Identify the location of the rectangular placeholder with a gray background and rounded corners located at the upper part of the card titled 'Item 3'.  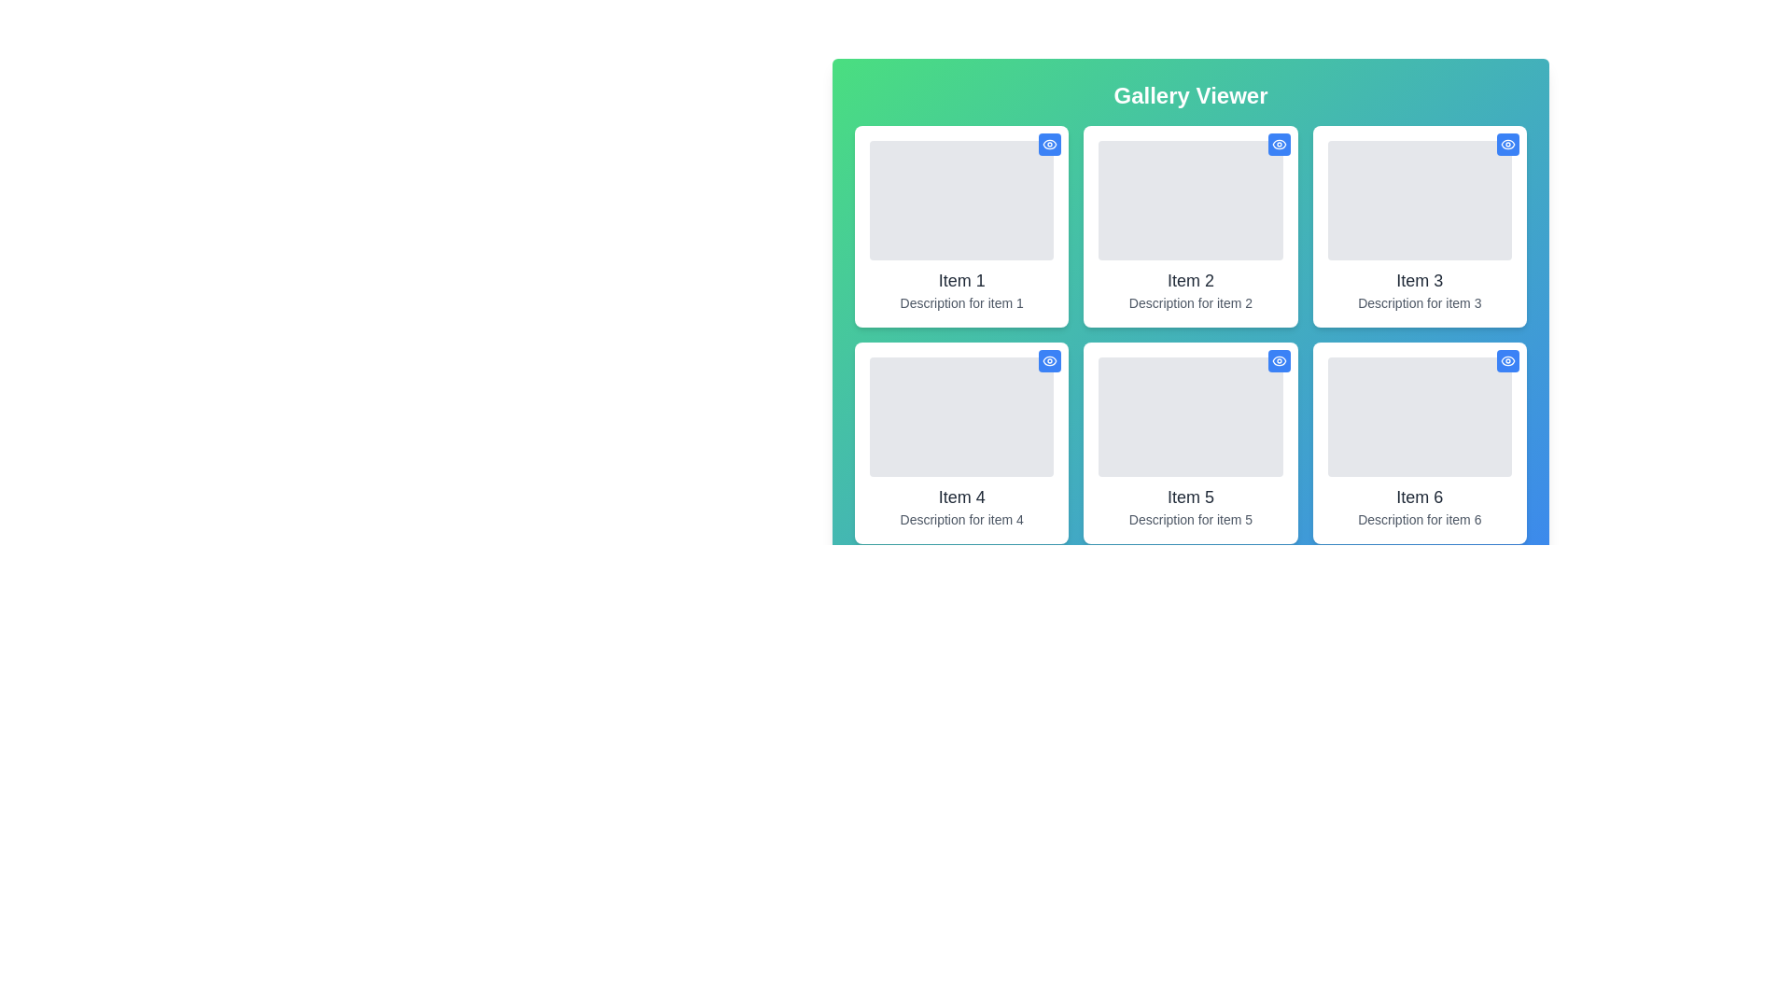
(1419, 201).